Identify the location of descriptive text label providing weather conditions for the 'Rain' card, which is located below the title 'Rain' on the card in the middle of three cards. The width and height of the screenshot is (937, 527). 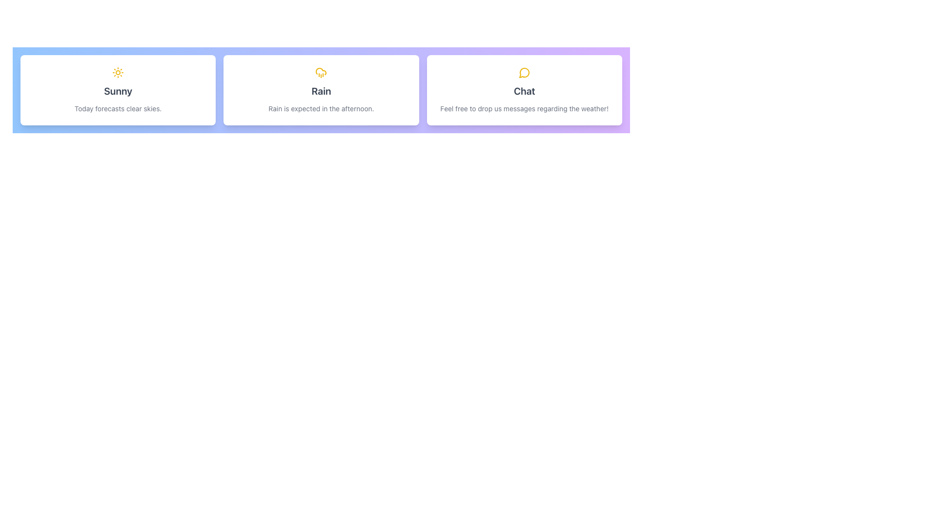
(321, 109).